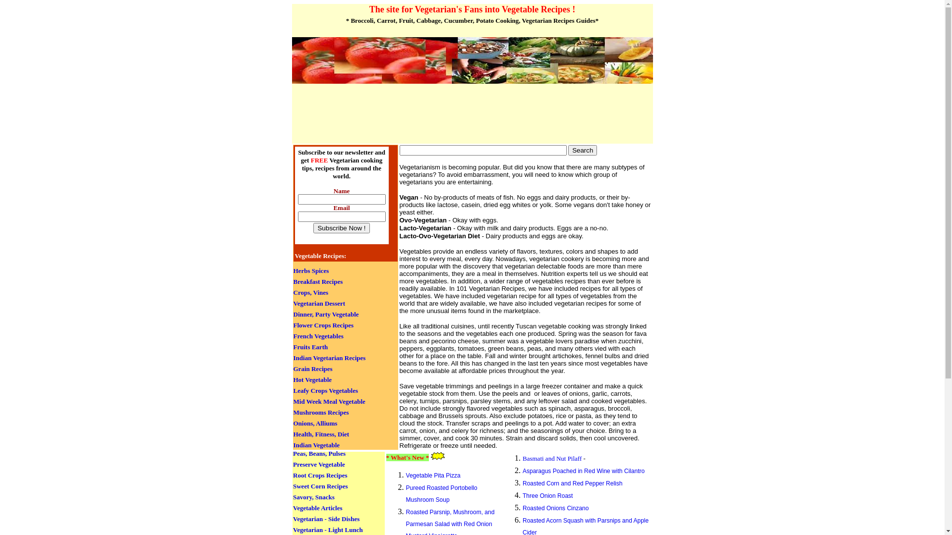 The width and height of the screenshot is (952, 535). What do you see at coordinates (572, 482) in the screenshot?
I see `'Roasted Corn and Red Pepper Relish'` at bounding box center [572, 482].